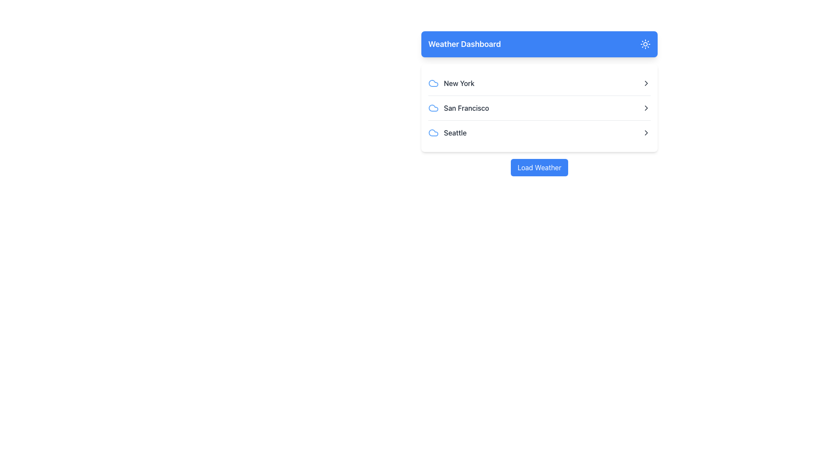 This screenshot has width=834, height=469. I want to click on text content of the city label 'Seattle' located in the third row of the weather dashboard, positioned to the right of a blue cloud icon, so click(447, 132).